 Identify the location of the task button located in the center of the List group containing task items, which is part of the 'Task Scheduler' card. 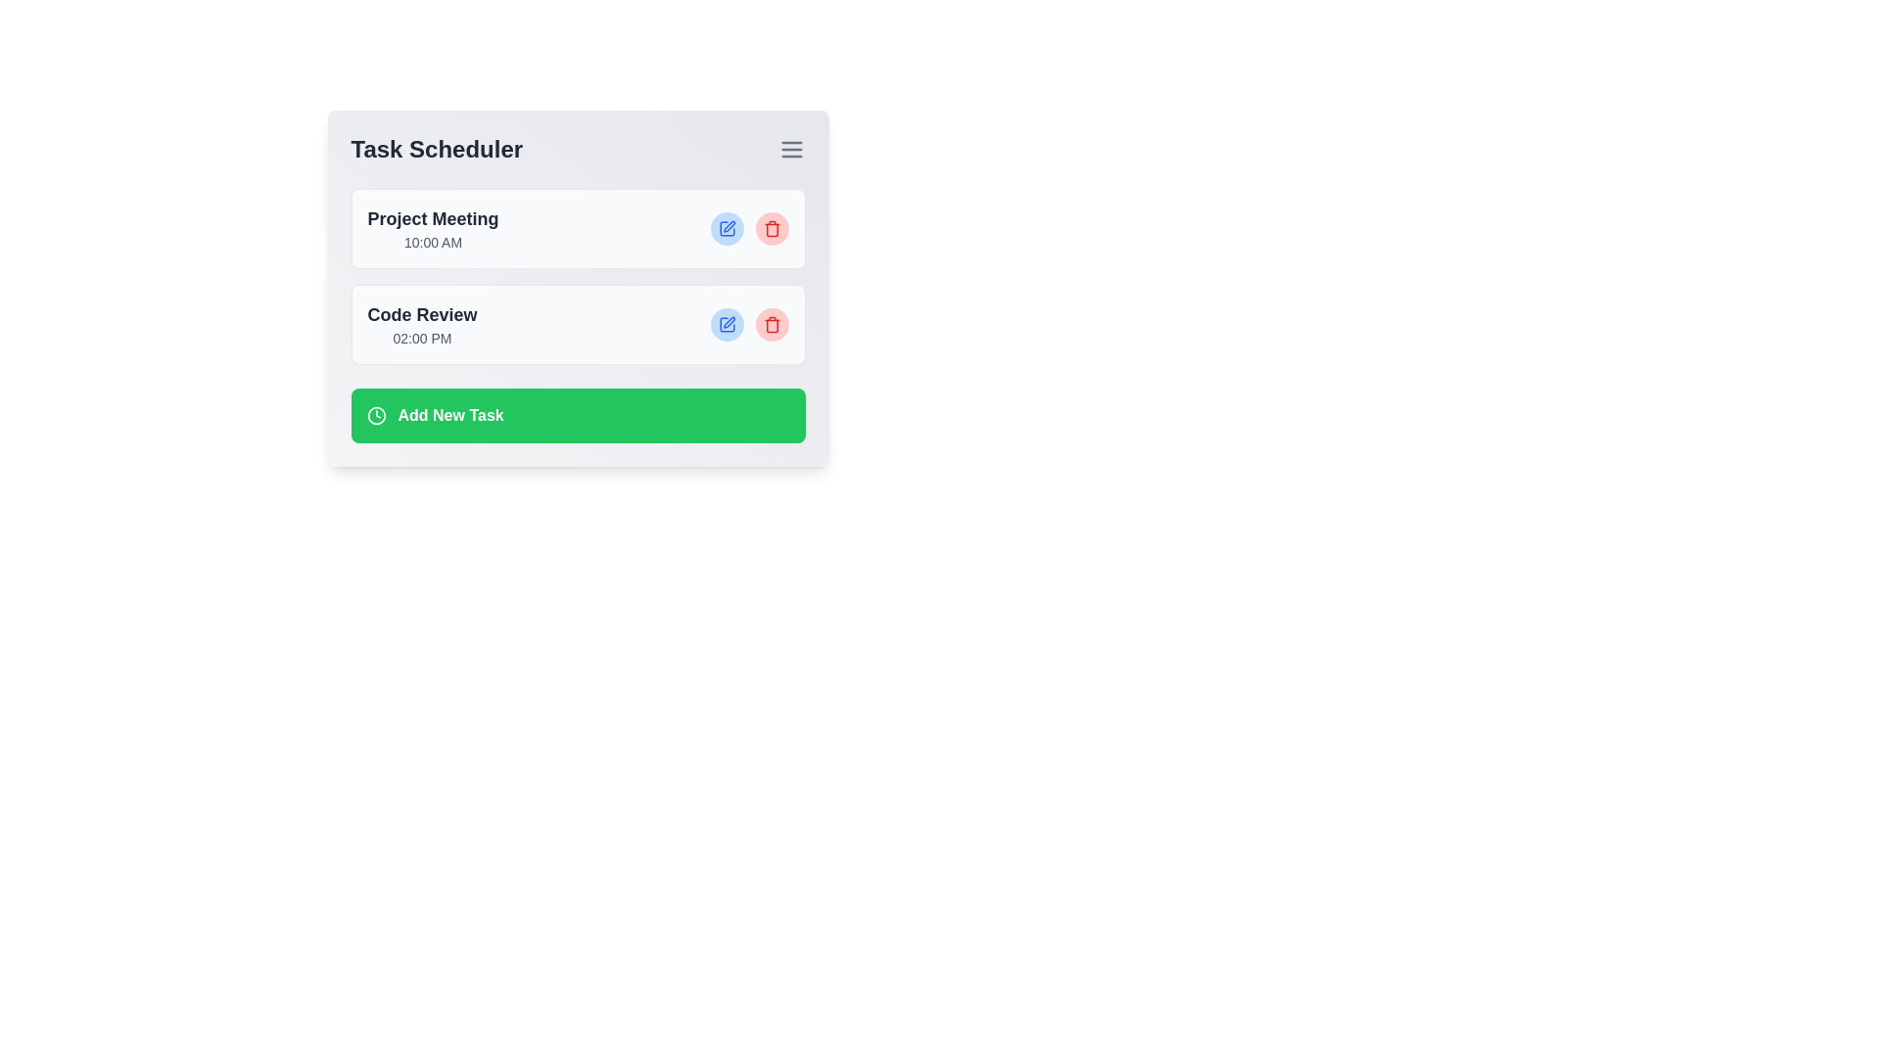
(577, 276).